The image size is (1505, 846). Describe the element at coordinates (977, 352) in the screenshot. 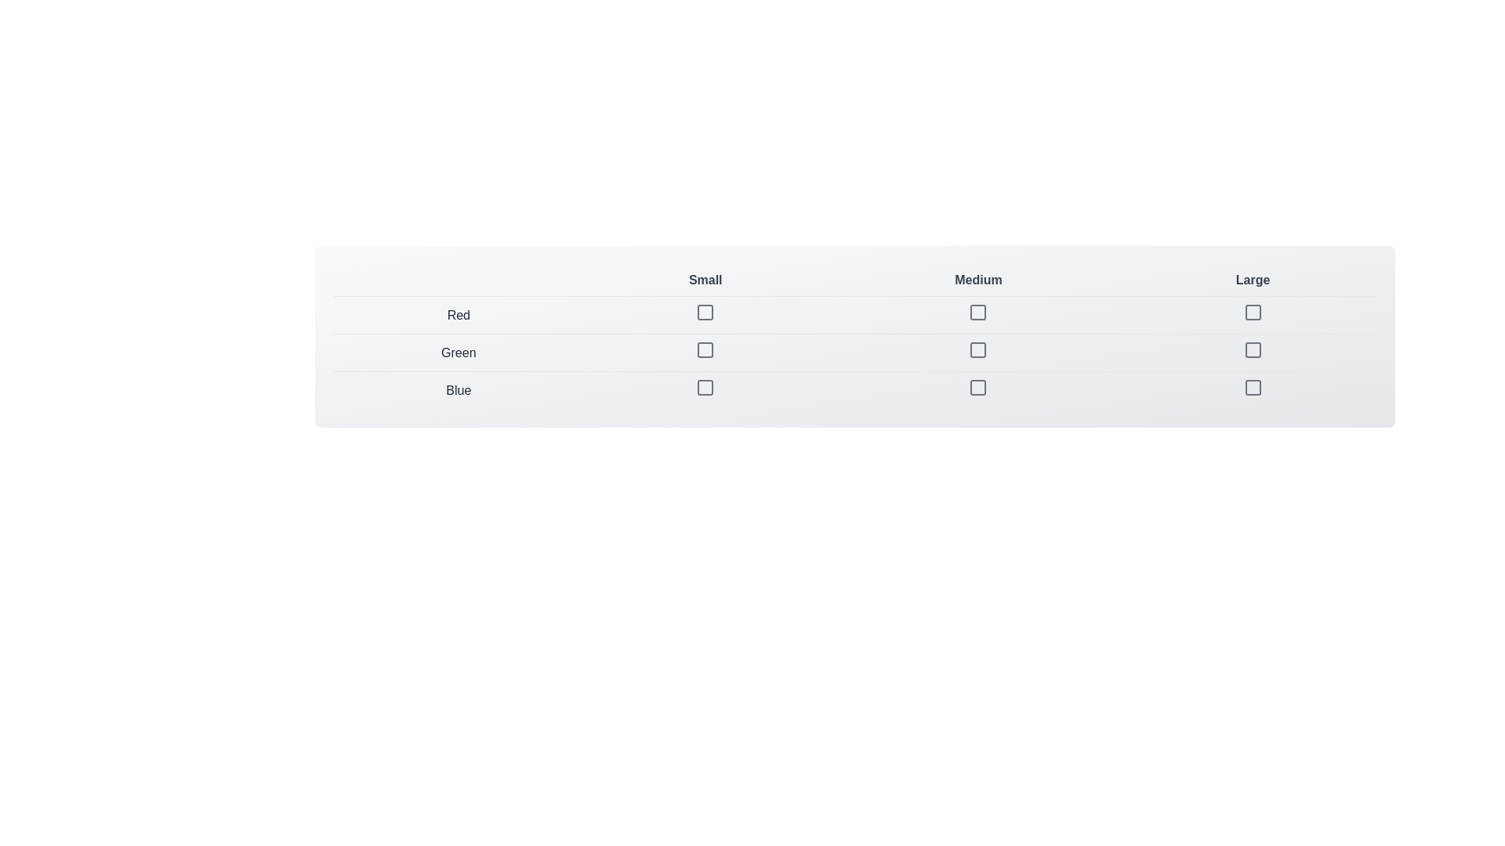

I see `to select the checkbox located in the second row under the 'Medium' header, aligned with the 'Green' row in the grid layout` at that location.